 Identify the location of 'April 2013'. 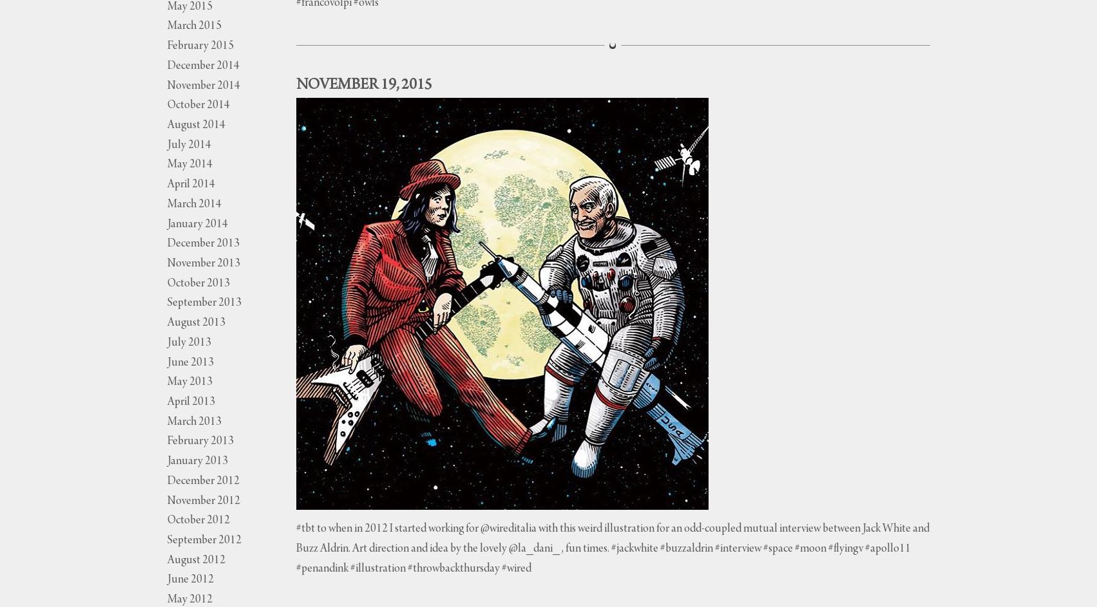
(189, 402).